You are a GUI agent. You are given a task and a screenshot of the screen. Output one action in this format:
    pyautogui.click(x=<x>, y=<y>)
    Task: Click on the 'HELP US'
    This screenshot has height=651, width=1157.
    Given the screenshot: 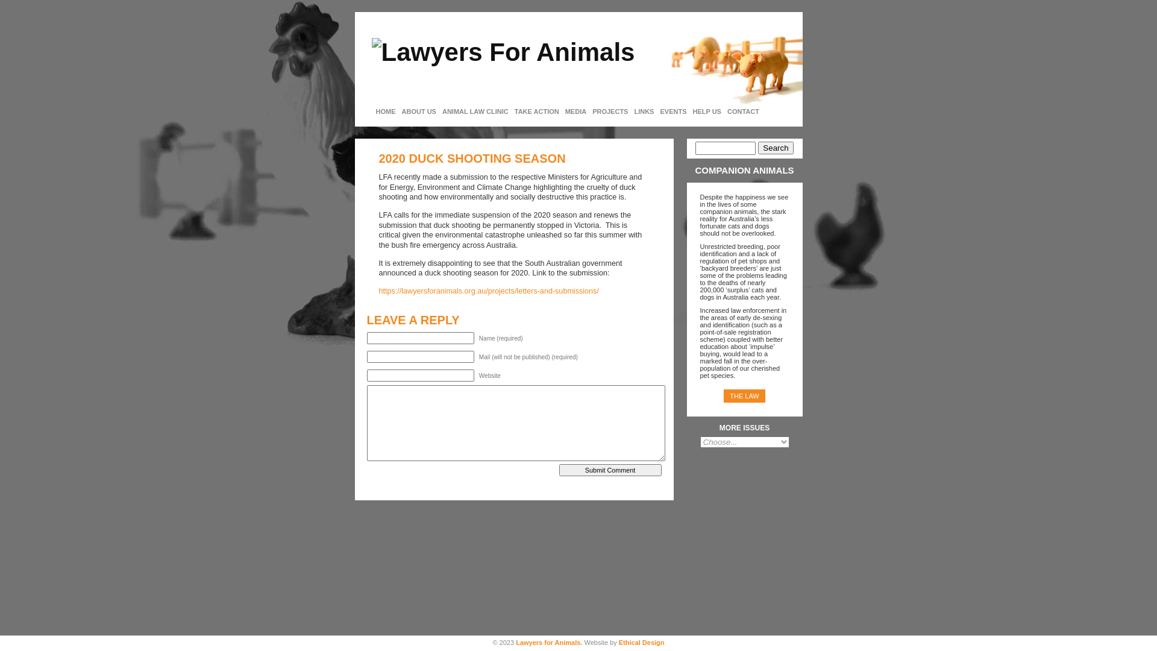 What is the action you would take?
    pyautogui.click(x=706, y=112)
    